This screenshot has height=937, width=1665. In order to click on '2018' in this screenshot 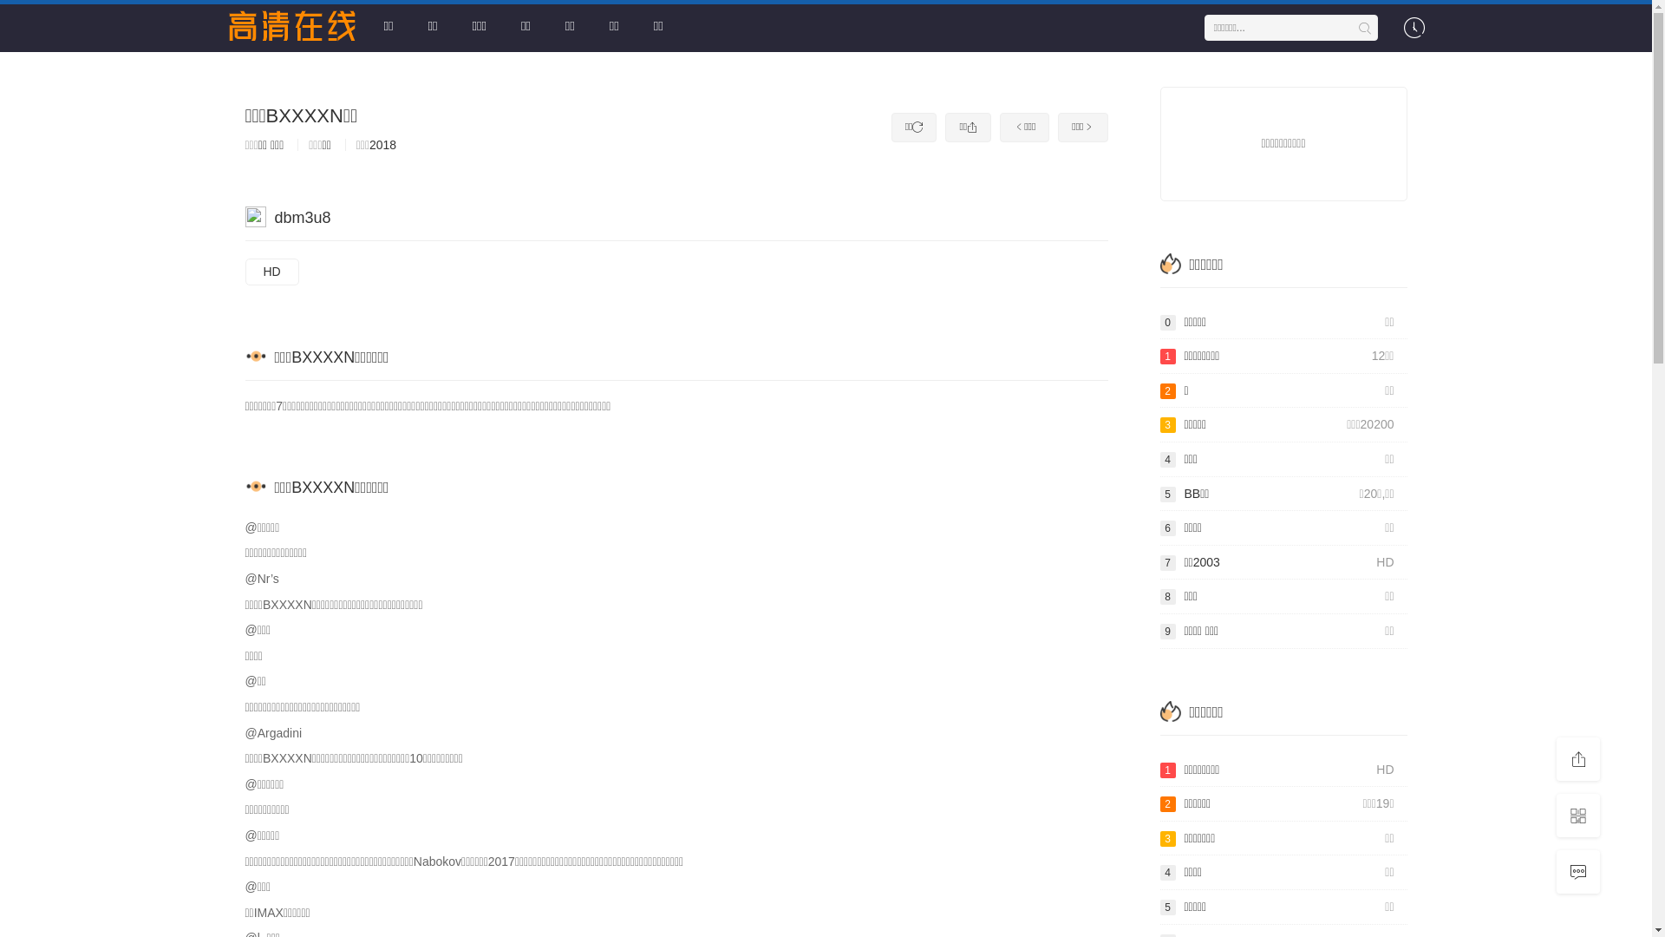, I will do `click(382, 143)`.